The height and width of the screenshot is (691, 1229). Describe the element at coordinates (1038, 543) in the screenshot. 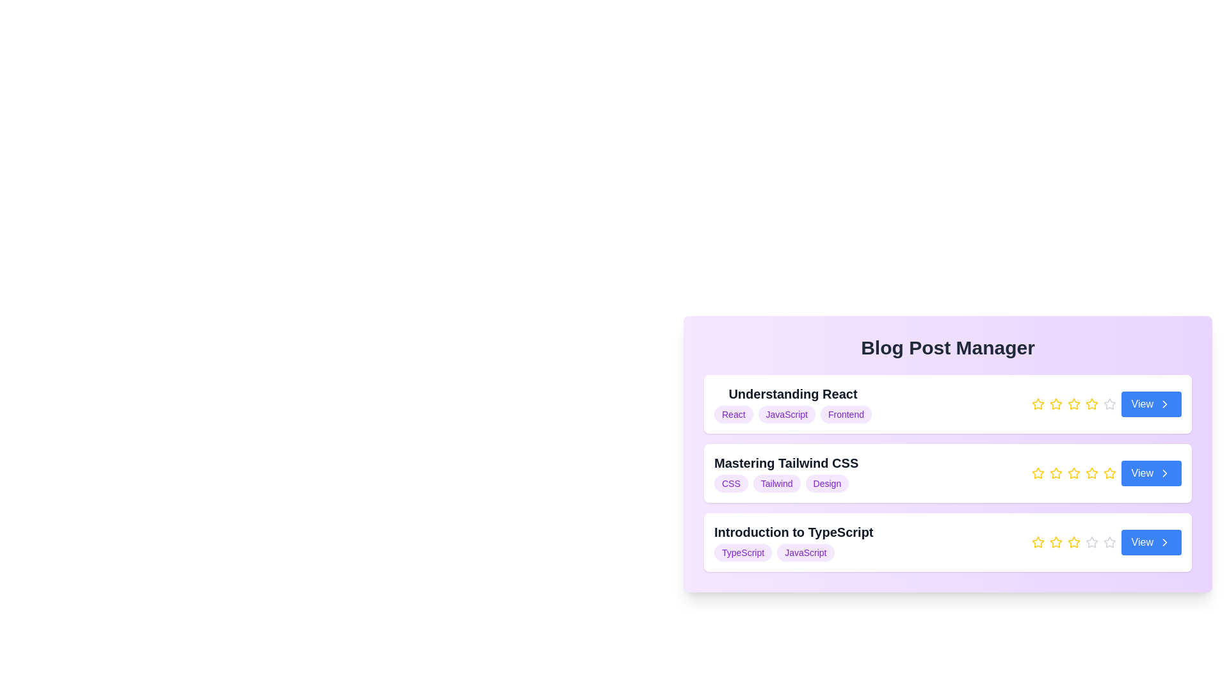

I see `the first rating star icon for the 'Introduction to TypeScript' item, which visually represents the first rating level in the Blog Post Manager interface` at that location.